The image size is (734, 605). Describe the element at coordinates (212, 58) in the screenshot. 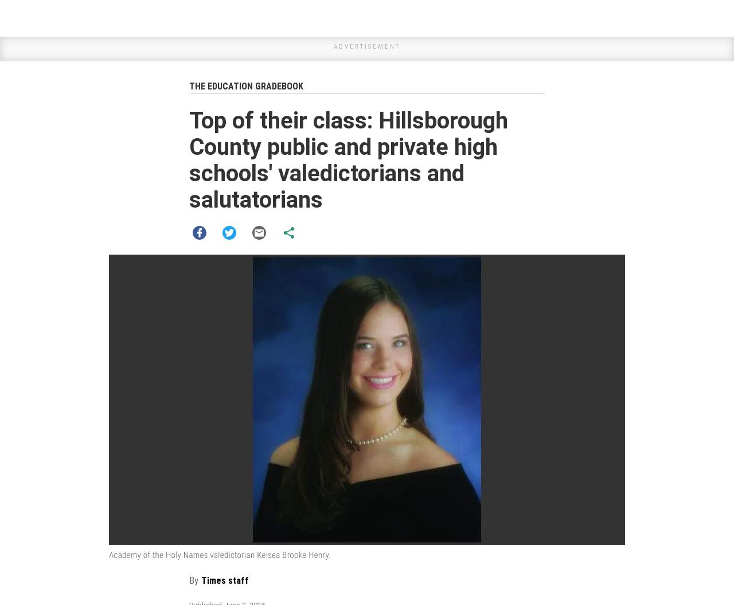

I see `'GPA: 6.20'` at that location.